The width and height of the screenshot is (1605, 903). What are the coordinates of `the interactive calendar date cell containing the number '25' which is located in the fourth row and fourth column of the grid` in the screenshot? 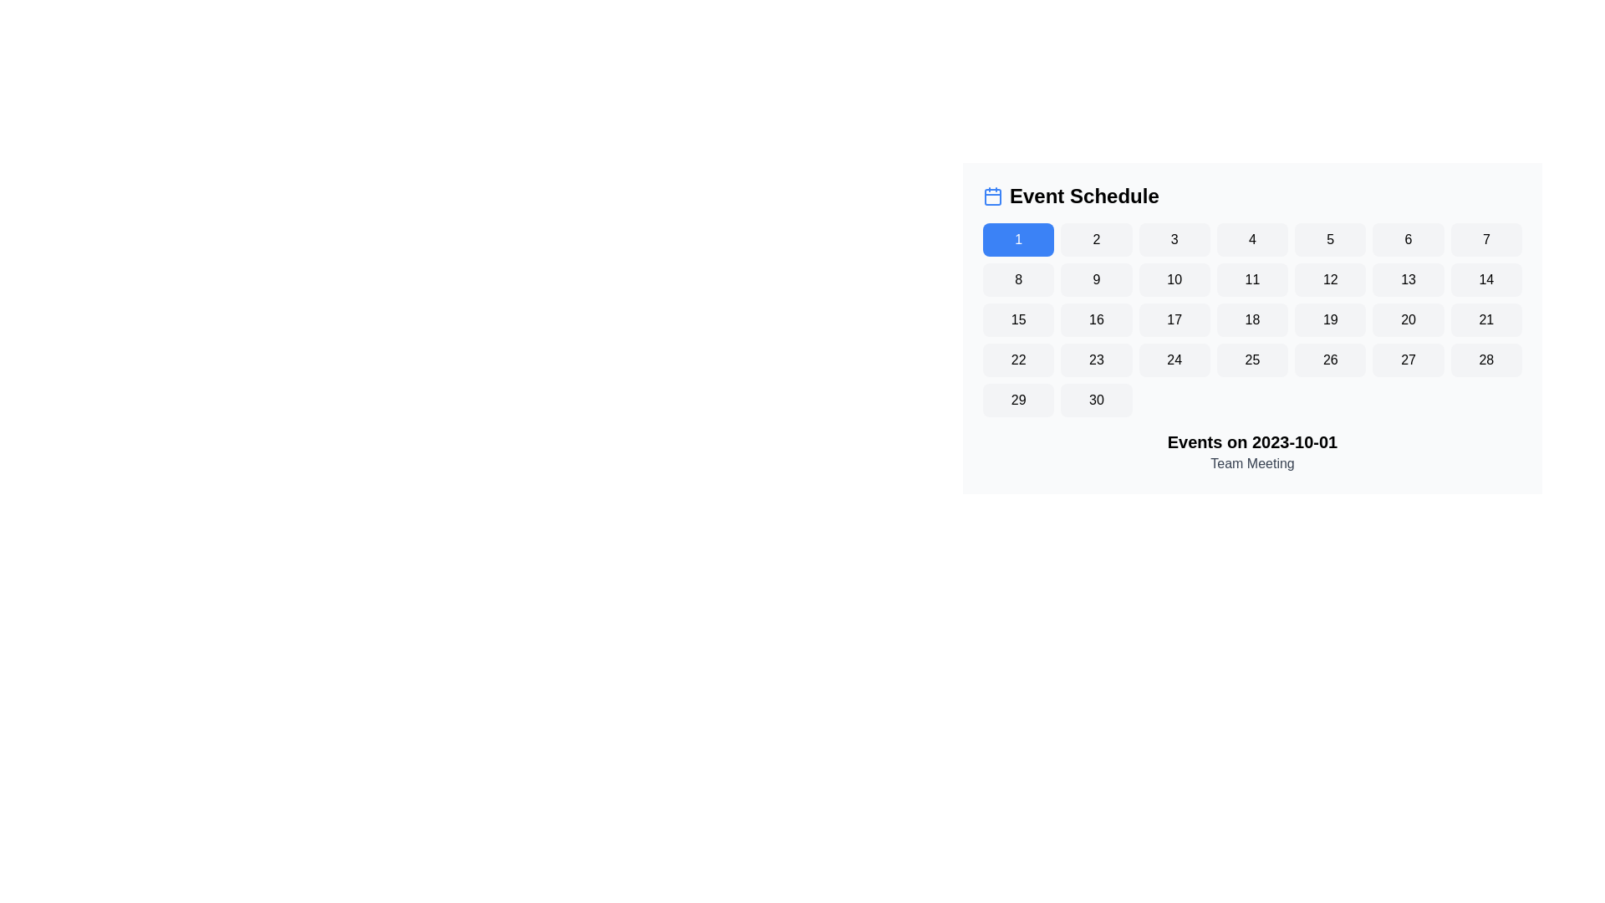 It's located at (1252, 360).